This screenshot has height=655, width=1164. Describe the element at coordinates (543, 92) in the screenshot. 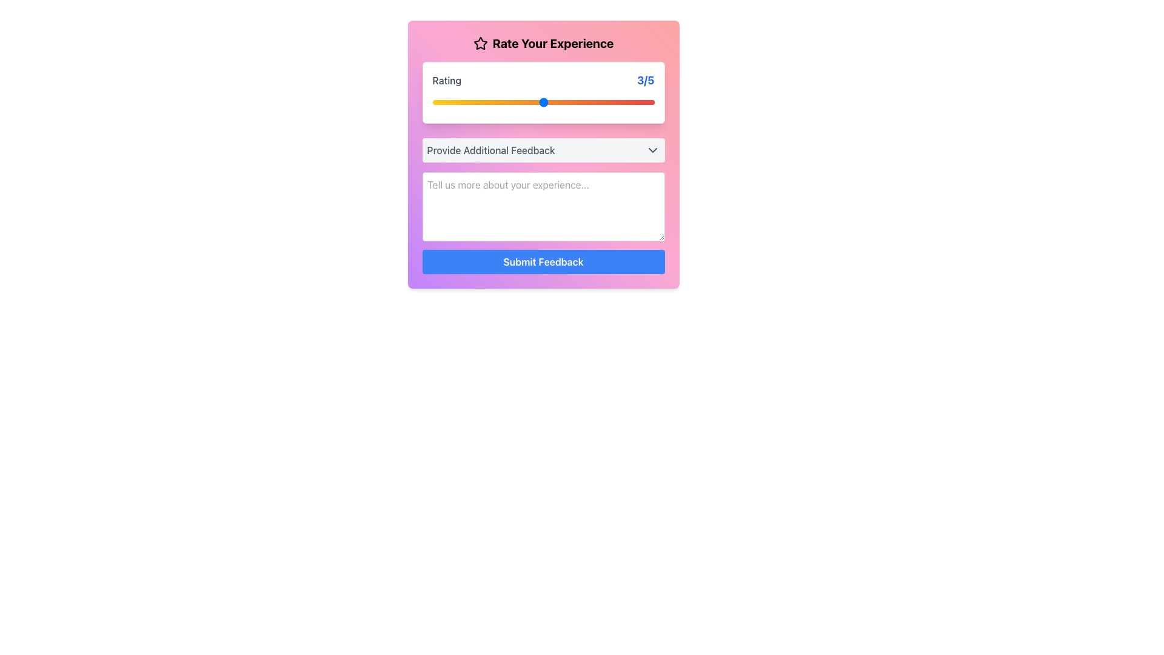

I see `the slider of the Rating Selector, which features the text 'Rating' on the left and '3/5' on the right, to select a rating value` at that location.